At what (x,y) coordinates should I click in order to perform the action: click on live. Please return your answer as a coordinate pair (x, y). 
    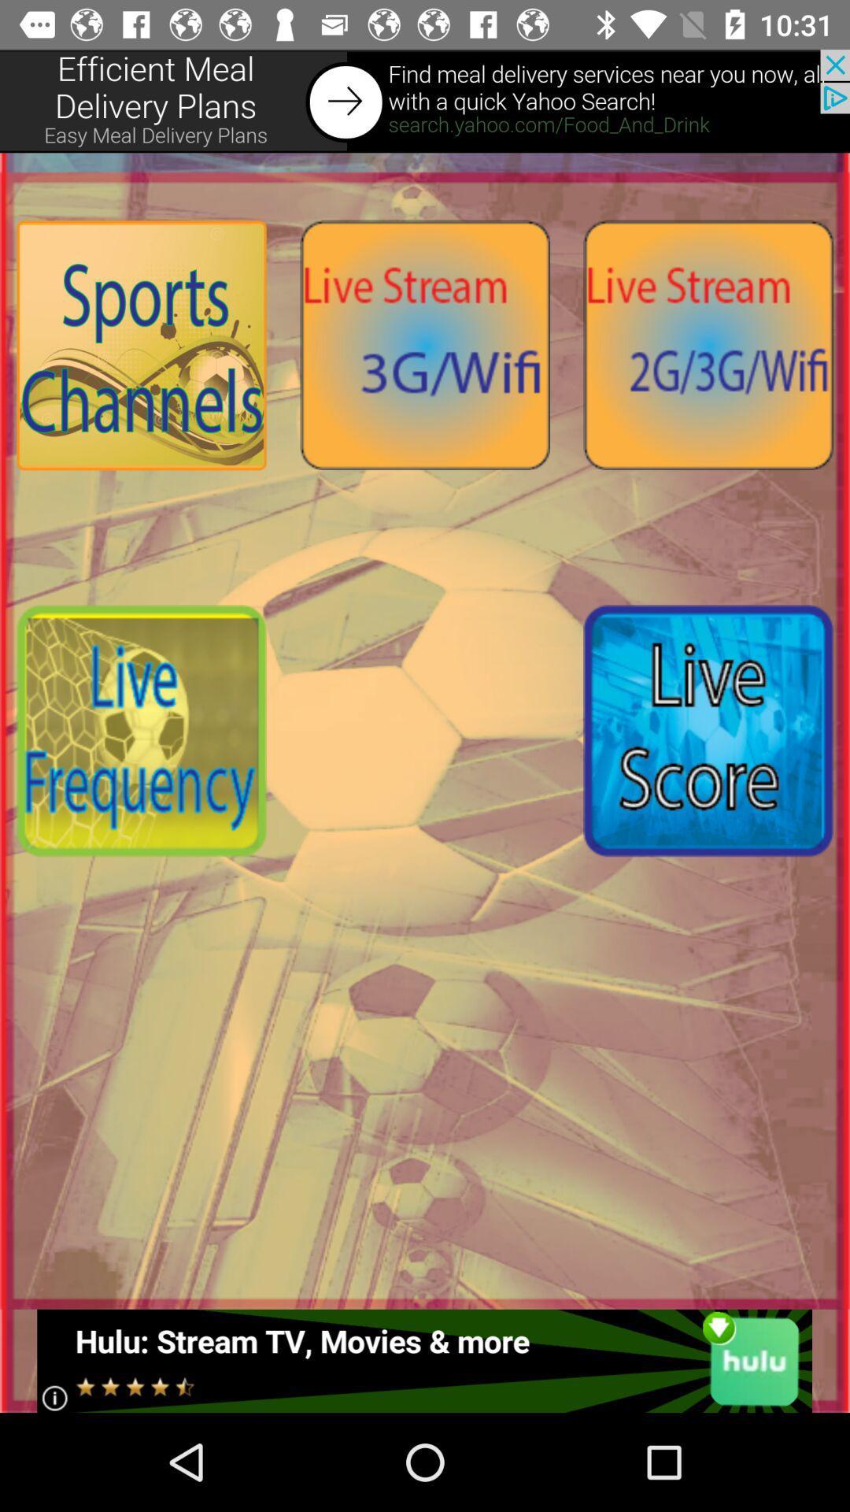
    Looking at the image, I should click on (707, 730).